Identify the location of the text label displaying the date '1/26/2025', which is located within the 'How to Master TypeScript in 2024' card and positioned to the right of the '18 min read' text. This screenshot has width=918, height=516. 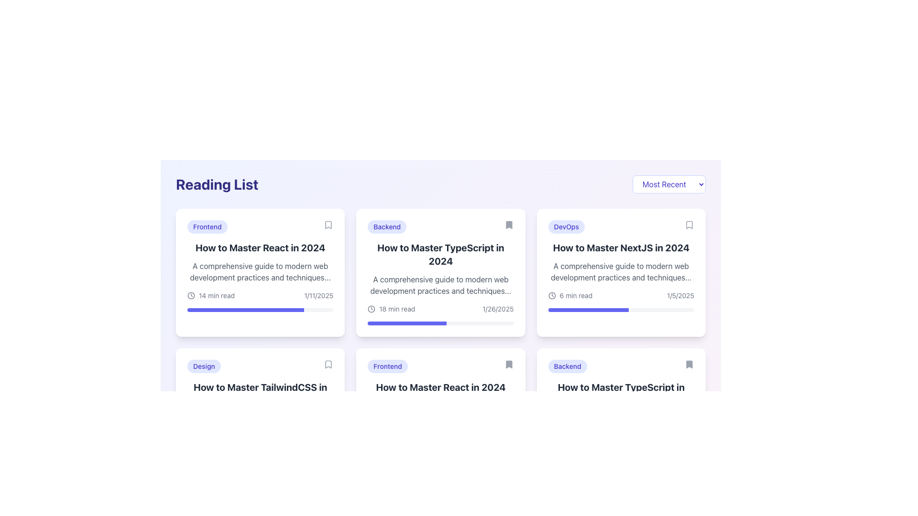
(497, 309).